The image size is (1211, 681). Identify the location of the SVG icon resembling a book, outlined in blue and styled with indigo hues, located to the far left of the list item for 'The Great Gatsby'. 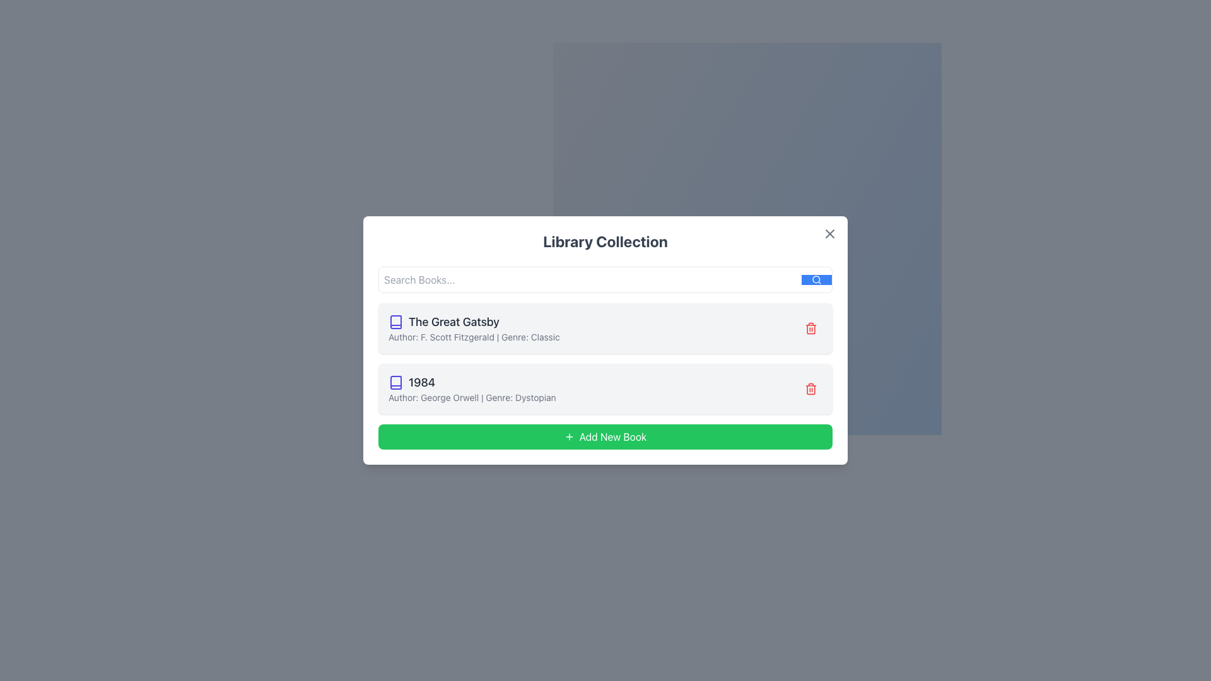
(395, 321).